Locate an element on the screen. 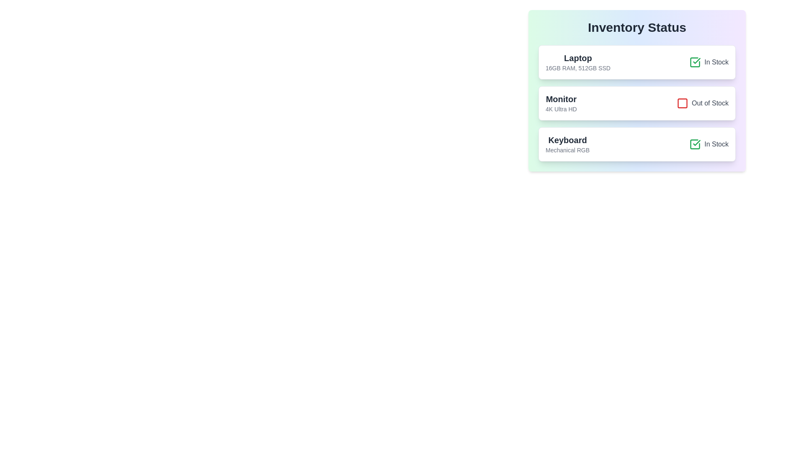 The height and width of the screenshot is (452, 804). the green square icon with a checkmark inside, located next to the 'In Stock' text under the 'Inventory Status' heading for the 'Laptop' item is located at coordinates (695, 62).